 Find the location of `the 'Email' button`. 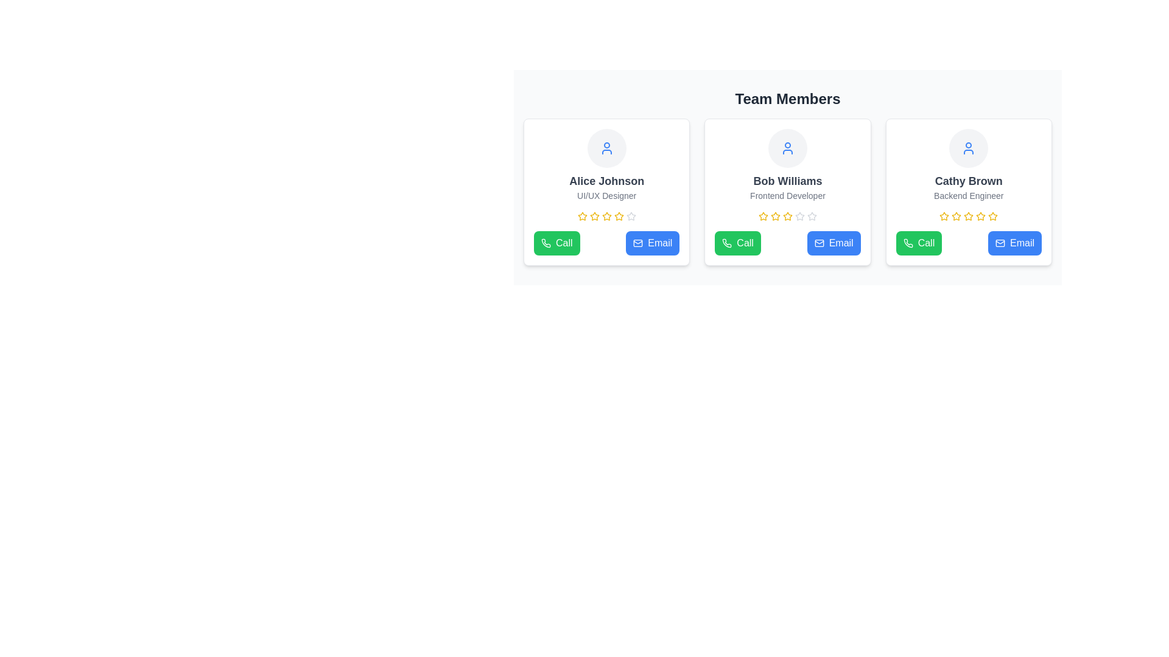

the 'Email' button is located at coordinates (1000, 243).